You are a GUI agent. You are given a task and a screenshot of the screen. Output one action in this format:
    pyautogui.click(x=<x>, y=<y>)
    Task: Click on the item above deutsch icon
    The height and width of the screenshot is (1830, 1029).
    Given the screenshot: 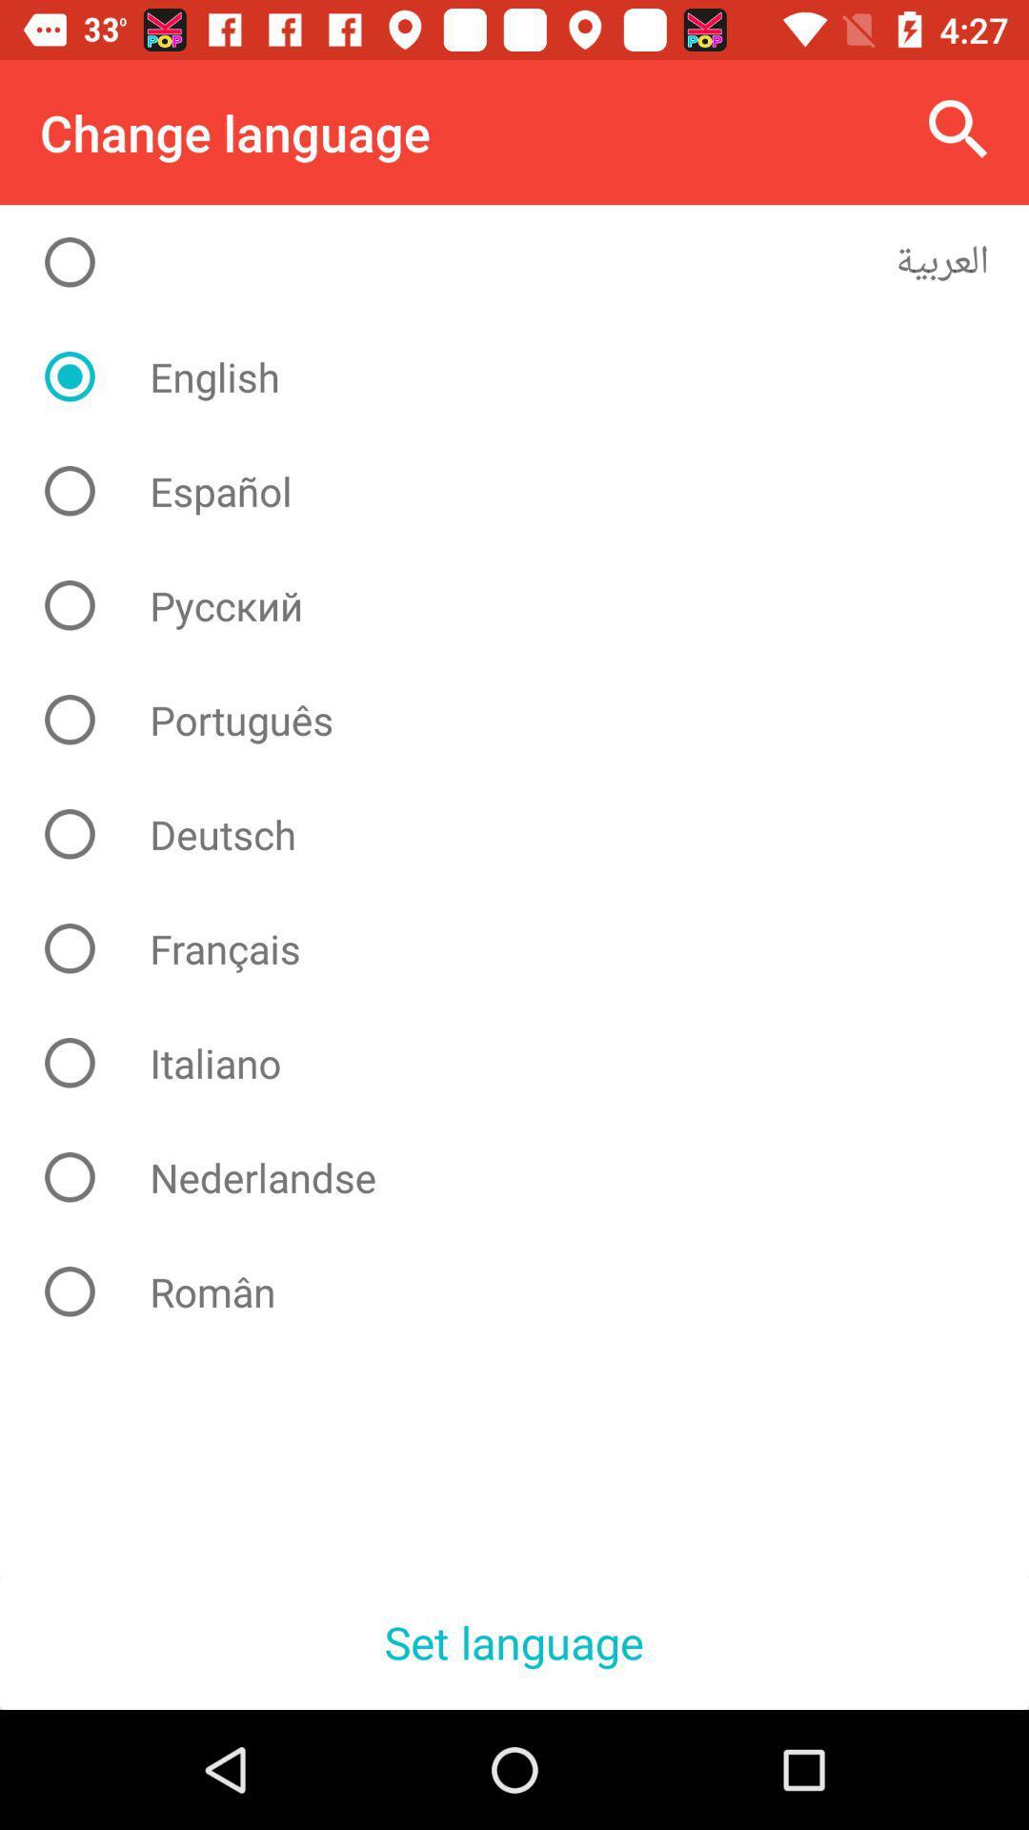 What is the action you would take?
    pyautogui.click(x=529, y=719)
    